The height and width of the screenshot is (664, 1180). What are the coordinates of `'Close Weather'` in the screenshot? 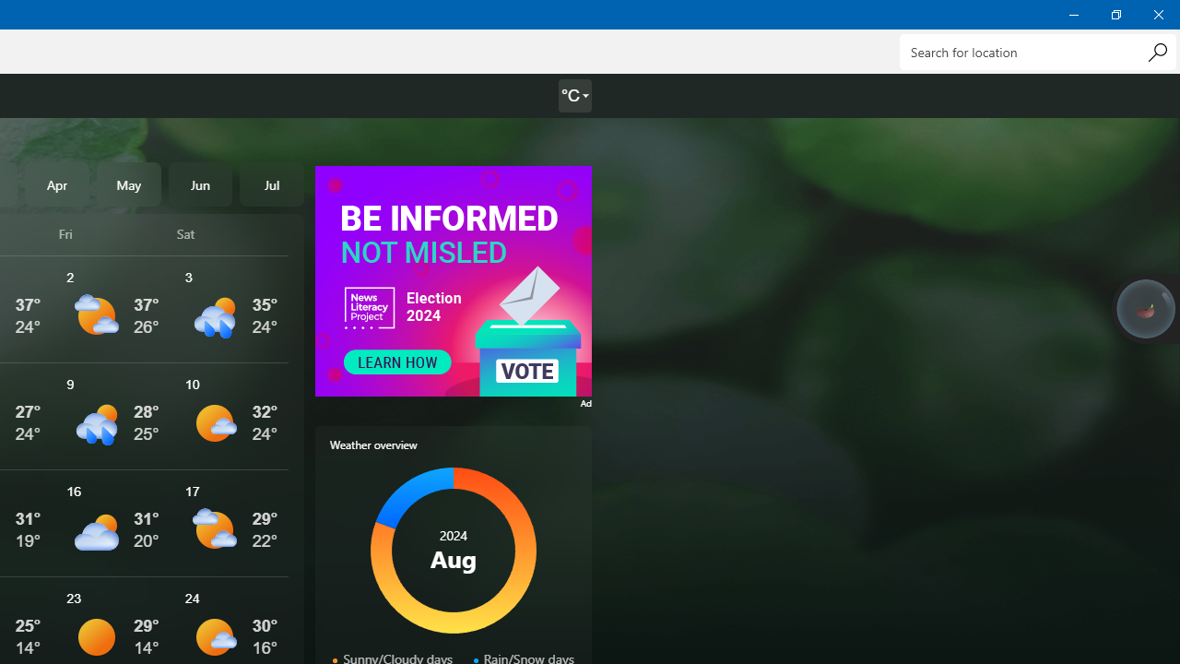 It's located at (1157, 14).